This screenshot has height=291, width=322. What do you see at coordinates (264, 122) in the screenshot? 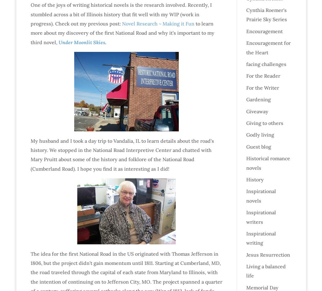
I see `'Giving to others'` at bounding box center [264, 122].